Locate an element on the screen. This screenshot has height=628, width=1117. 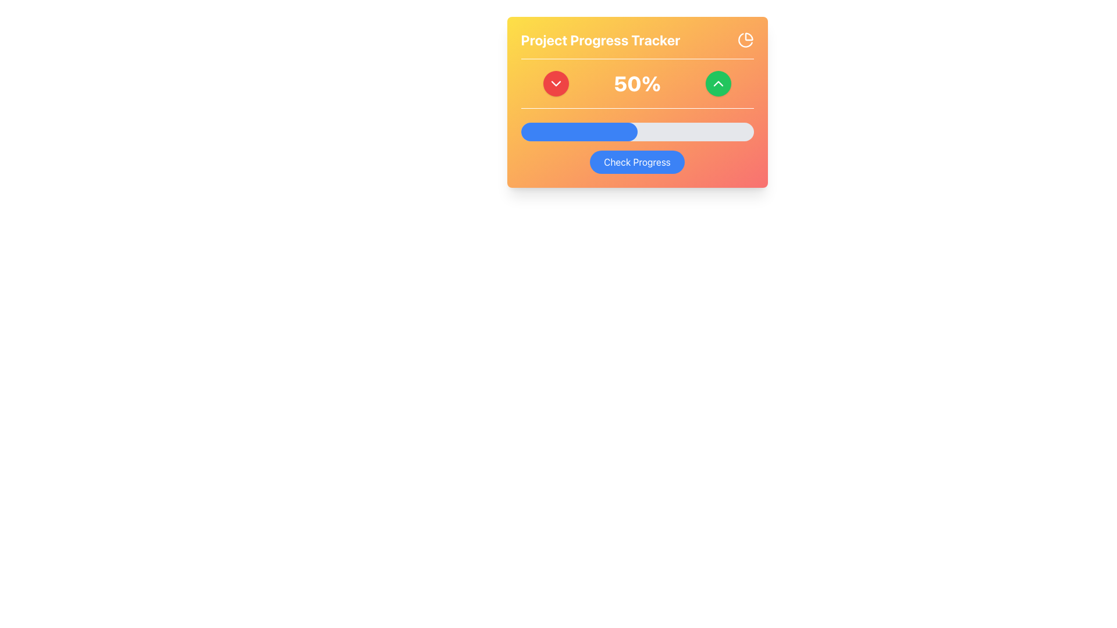
the 'Check Progress' button with a blue background and white text is located at coordinates (636, 162).